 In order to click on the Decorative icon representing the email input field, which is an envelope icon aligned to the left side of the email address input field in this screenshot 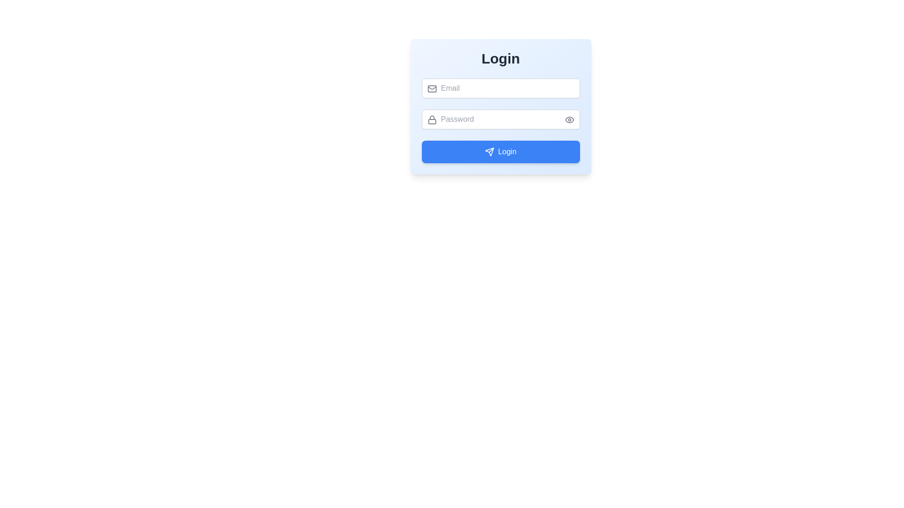, I will do `click(431, 88)`.